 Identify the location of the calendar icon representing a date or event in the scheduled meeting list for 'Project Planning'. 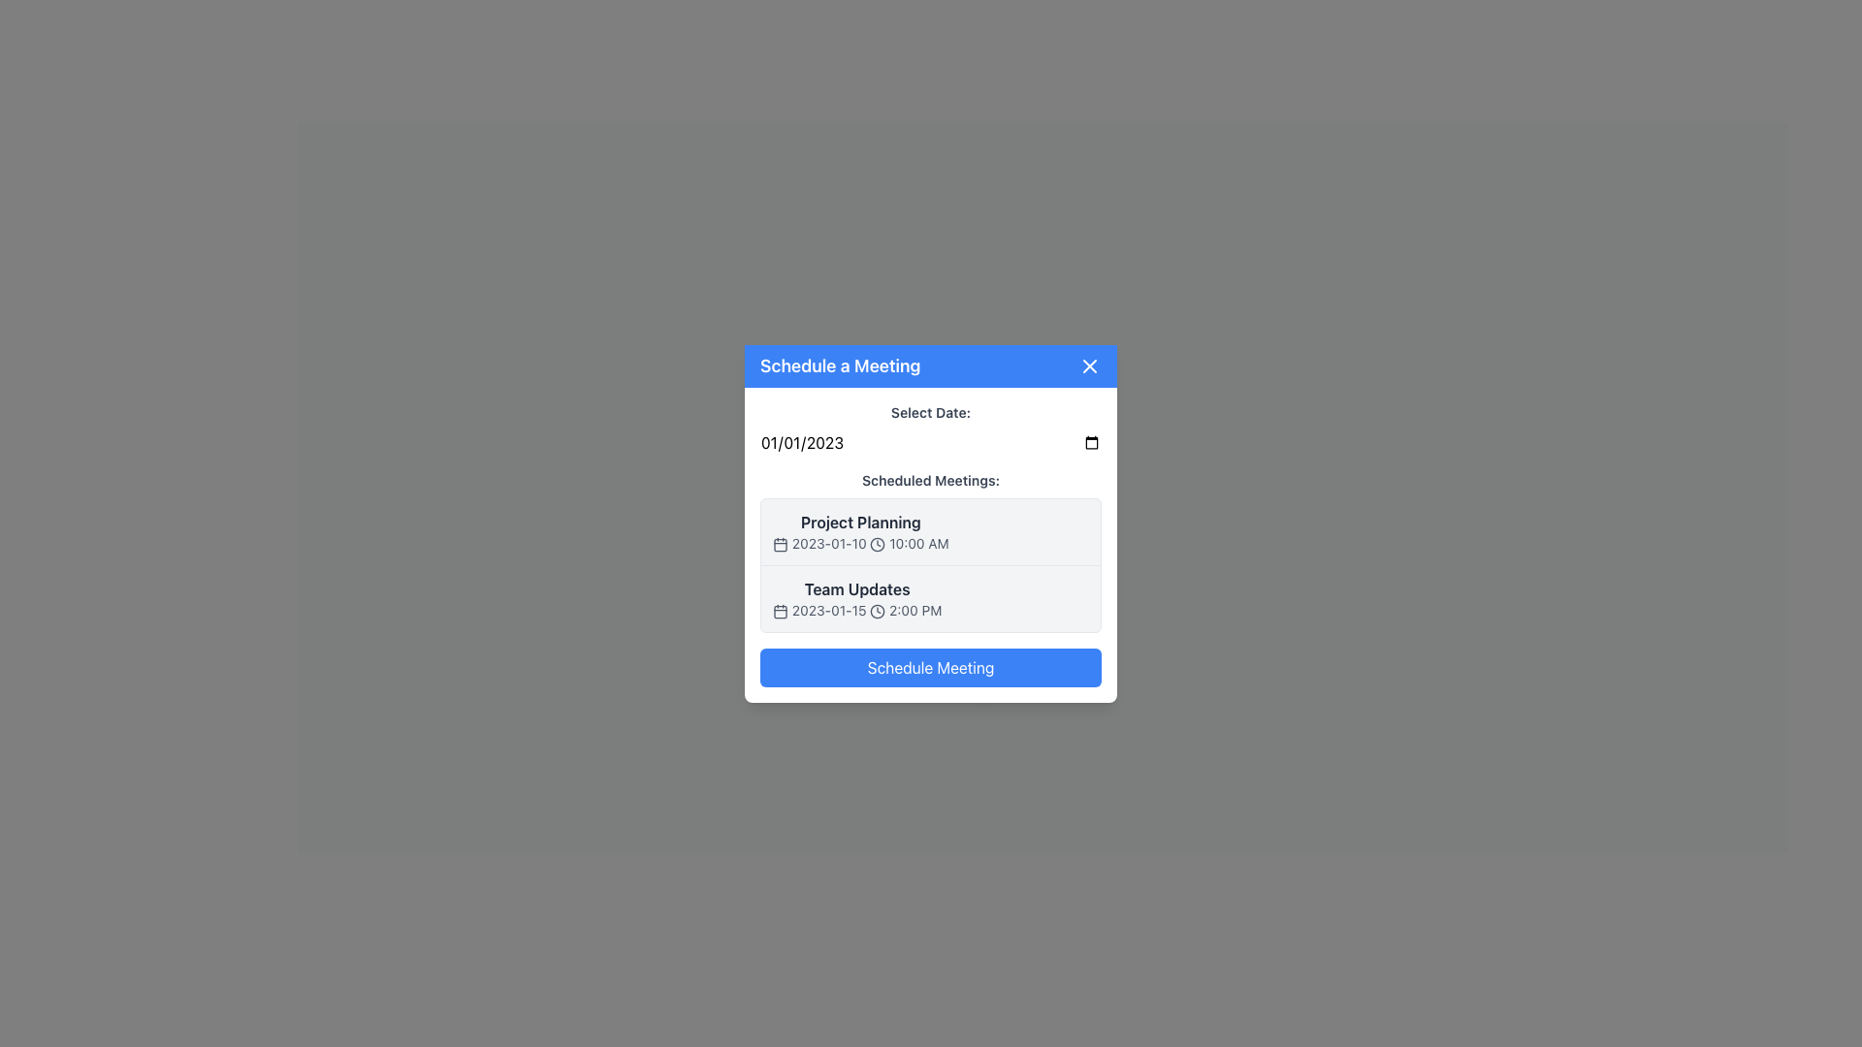
(781, 545).